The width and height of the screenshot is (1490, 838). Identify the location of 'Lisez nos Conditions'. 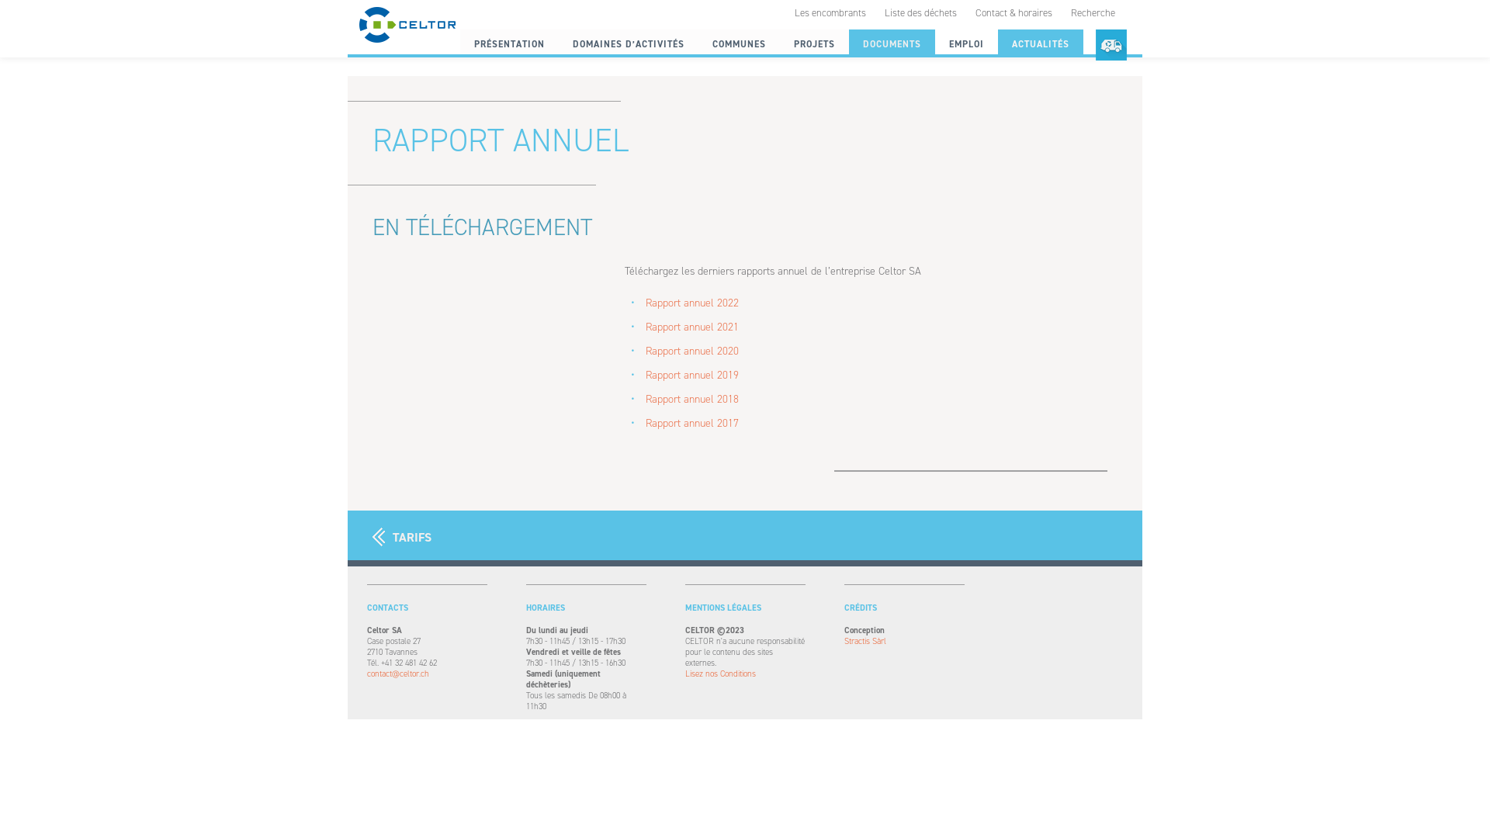
(743, 673).